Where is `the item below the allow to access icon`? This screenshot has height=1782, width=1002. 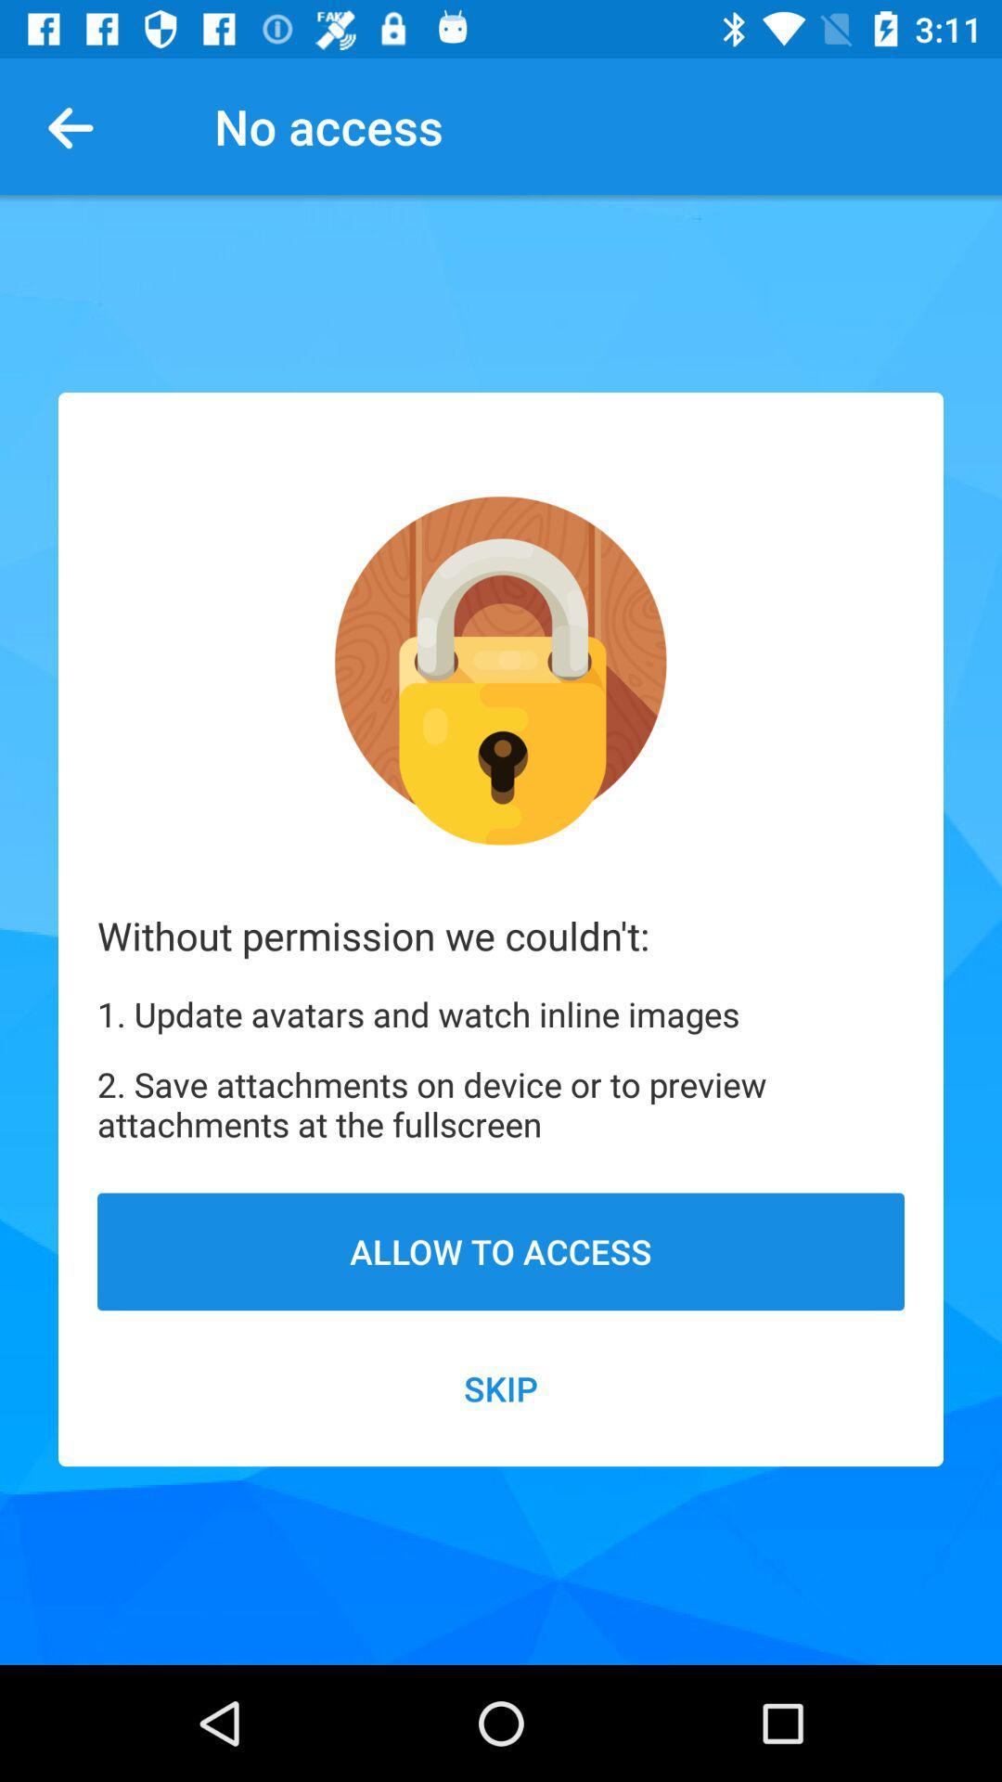
the item below the allow to access icon is located at coordinates (501, 1388).